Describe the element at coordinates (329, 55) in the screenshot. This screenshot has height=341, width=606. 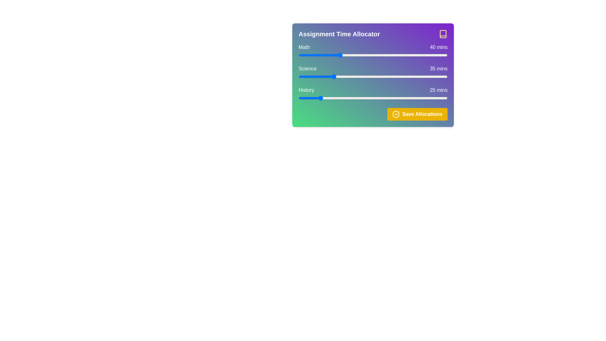
I see `the slider for 'Math'` at that location.